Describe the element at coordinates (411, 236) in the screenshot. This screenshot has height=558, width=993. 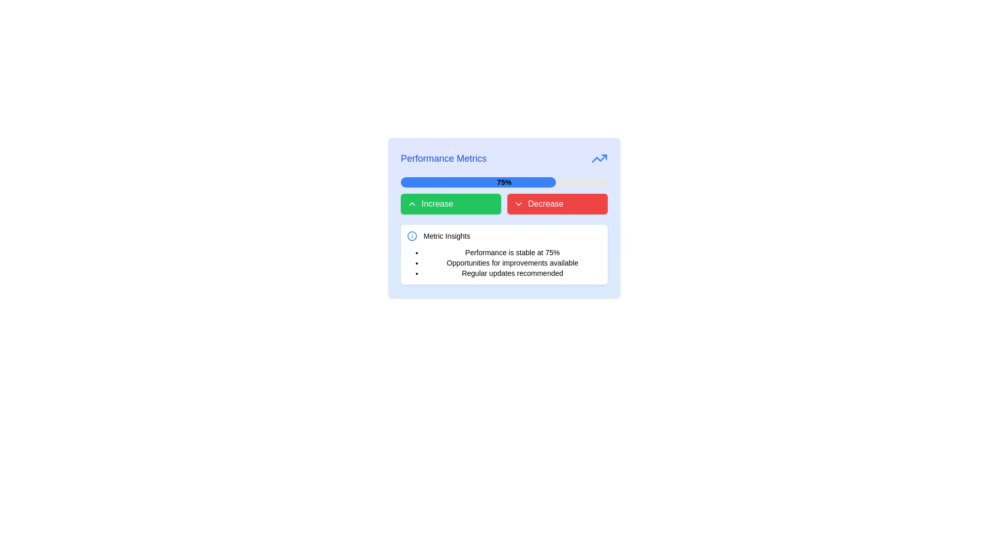
I see `the information/help icon located to the left of the 'Metric Insights' title` at that location.